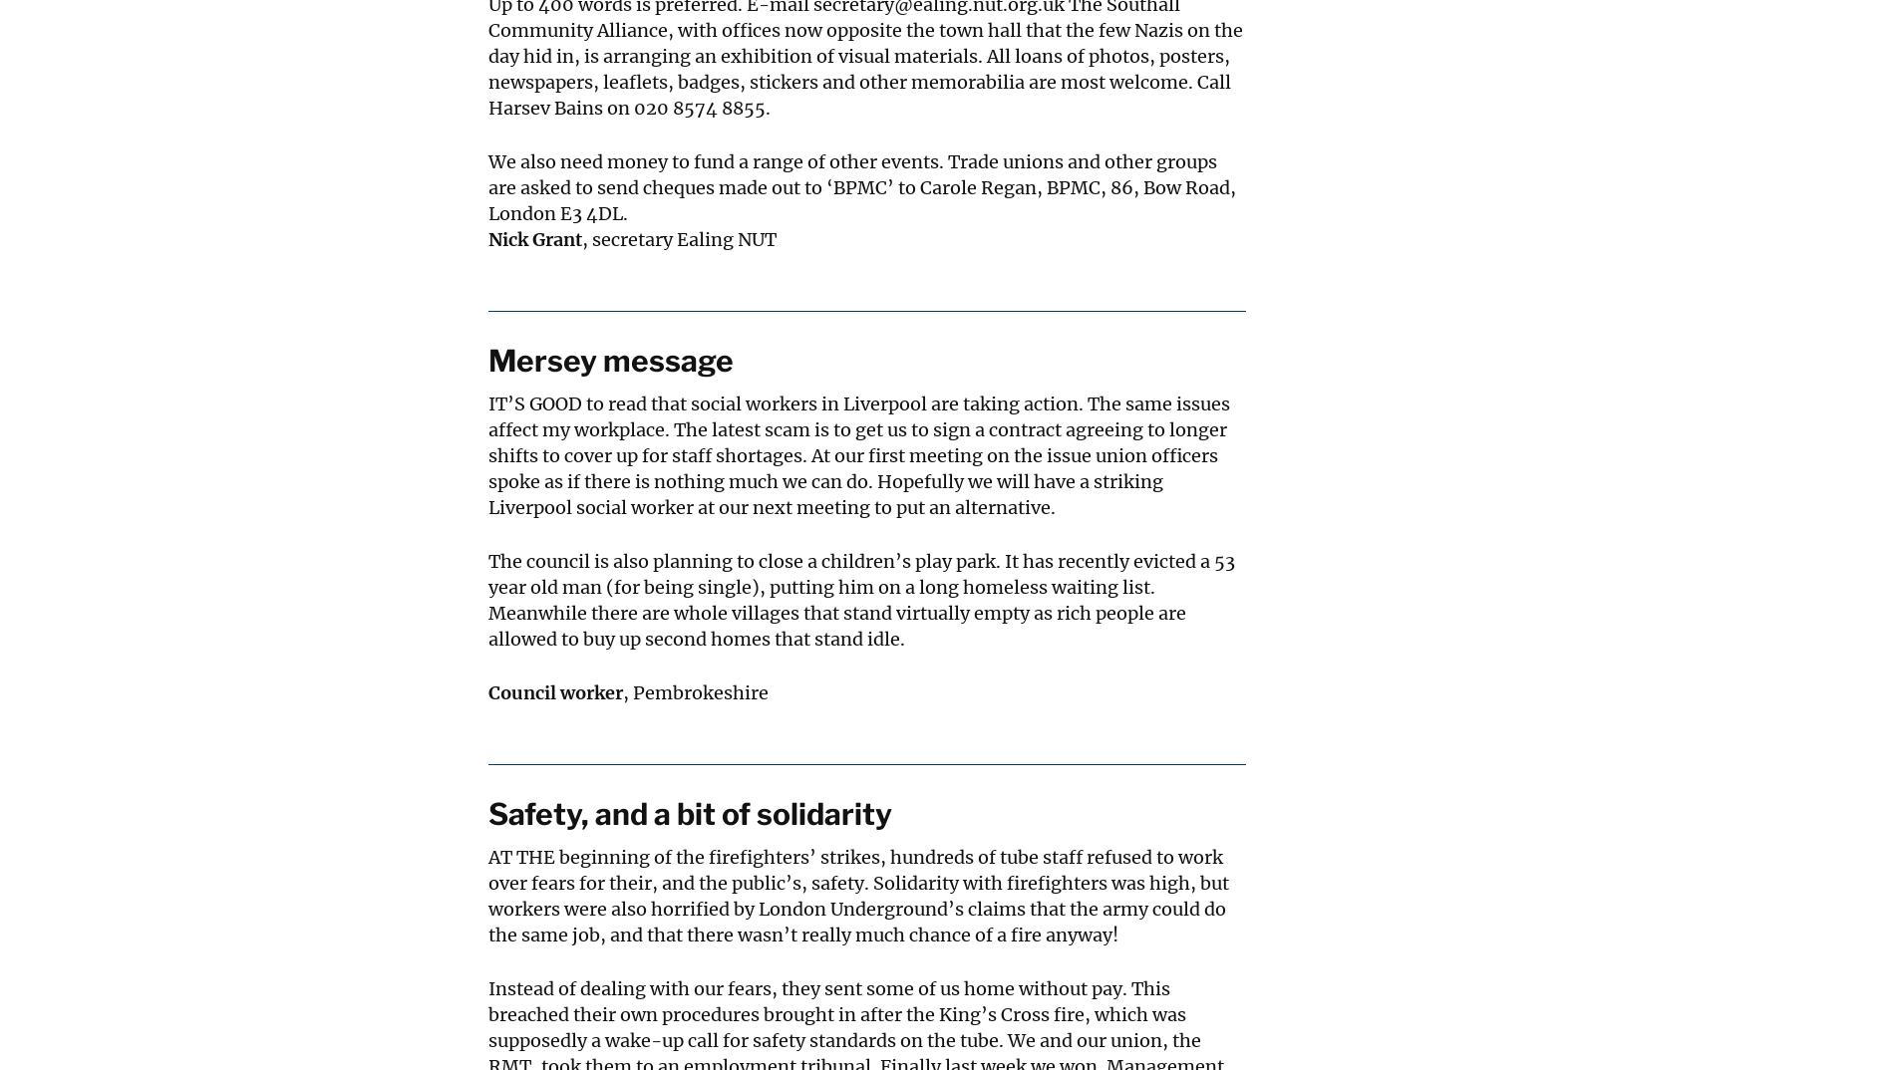 The height and width of the screenshot is (1070, 1894). What do you see at coordinates (622, 691) in the screenshot?
I see `', Pembrokeshire'` at bounding box center [622, 691].